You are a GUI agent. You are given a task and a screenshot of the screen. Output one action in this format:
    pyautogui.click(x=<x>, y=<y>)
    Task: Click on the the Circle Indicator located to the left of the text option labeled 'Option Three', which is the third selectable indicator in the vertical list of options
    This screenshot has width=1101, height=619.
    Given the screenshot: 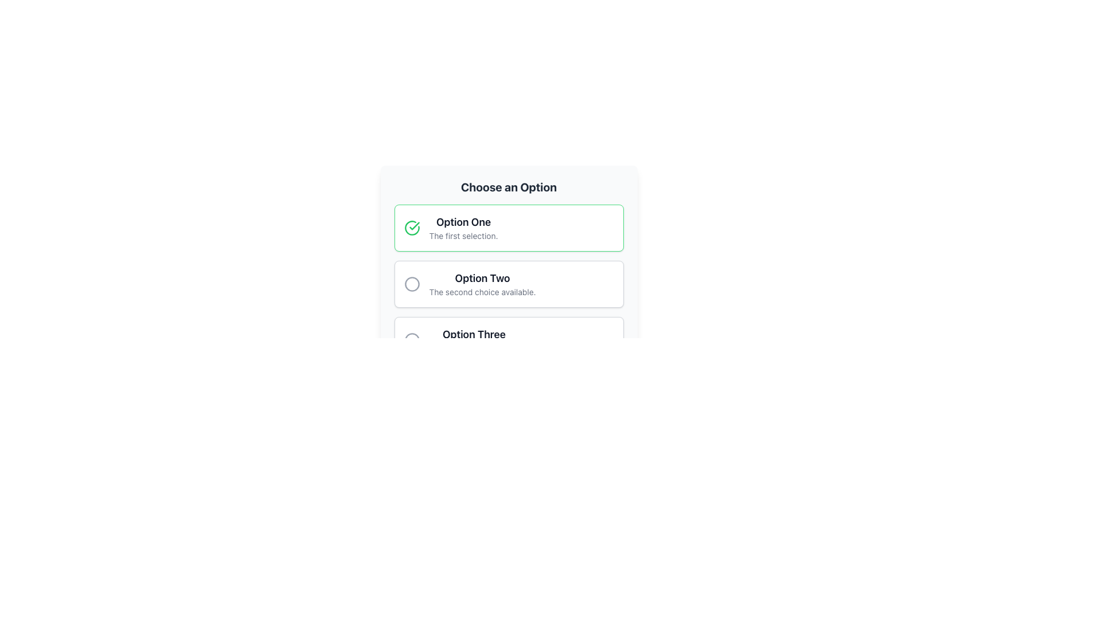 What is the action you would take?
    pyautogui.click(x=412, y=340)
    